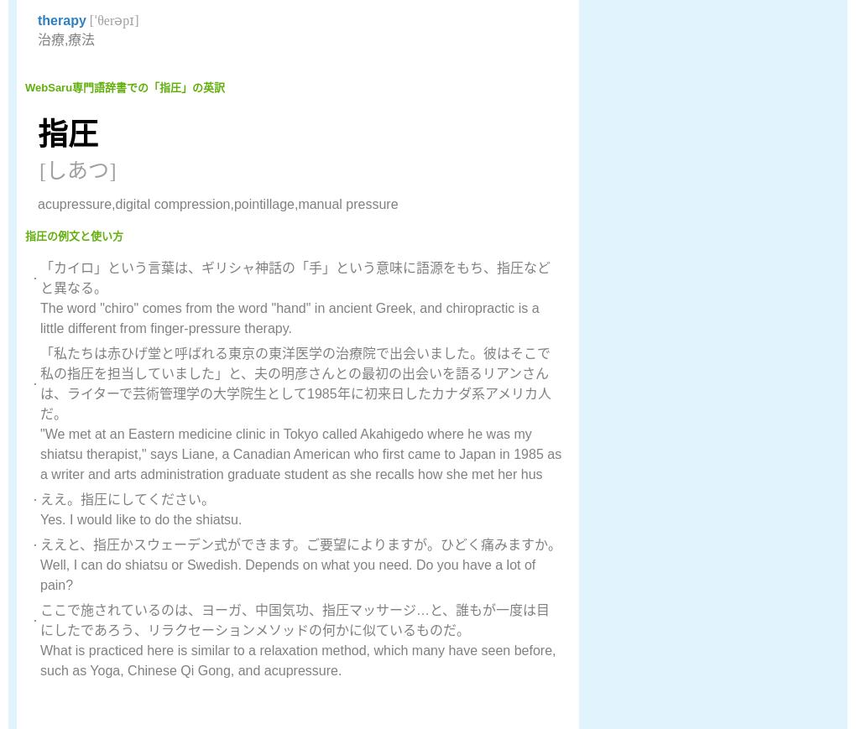 The height and width of the screenshot is (729, 856). I want to click on '治療,療法', so click(66, 39).